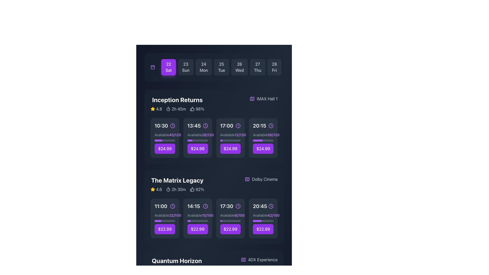 The width and height of the screenshot is (489, 275). I want to click on the purchase button located in the 'Inception Returns' section under the '22 Sat' date for accessibility purposes, so click(165, 148).